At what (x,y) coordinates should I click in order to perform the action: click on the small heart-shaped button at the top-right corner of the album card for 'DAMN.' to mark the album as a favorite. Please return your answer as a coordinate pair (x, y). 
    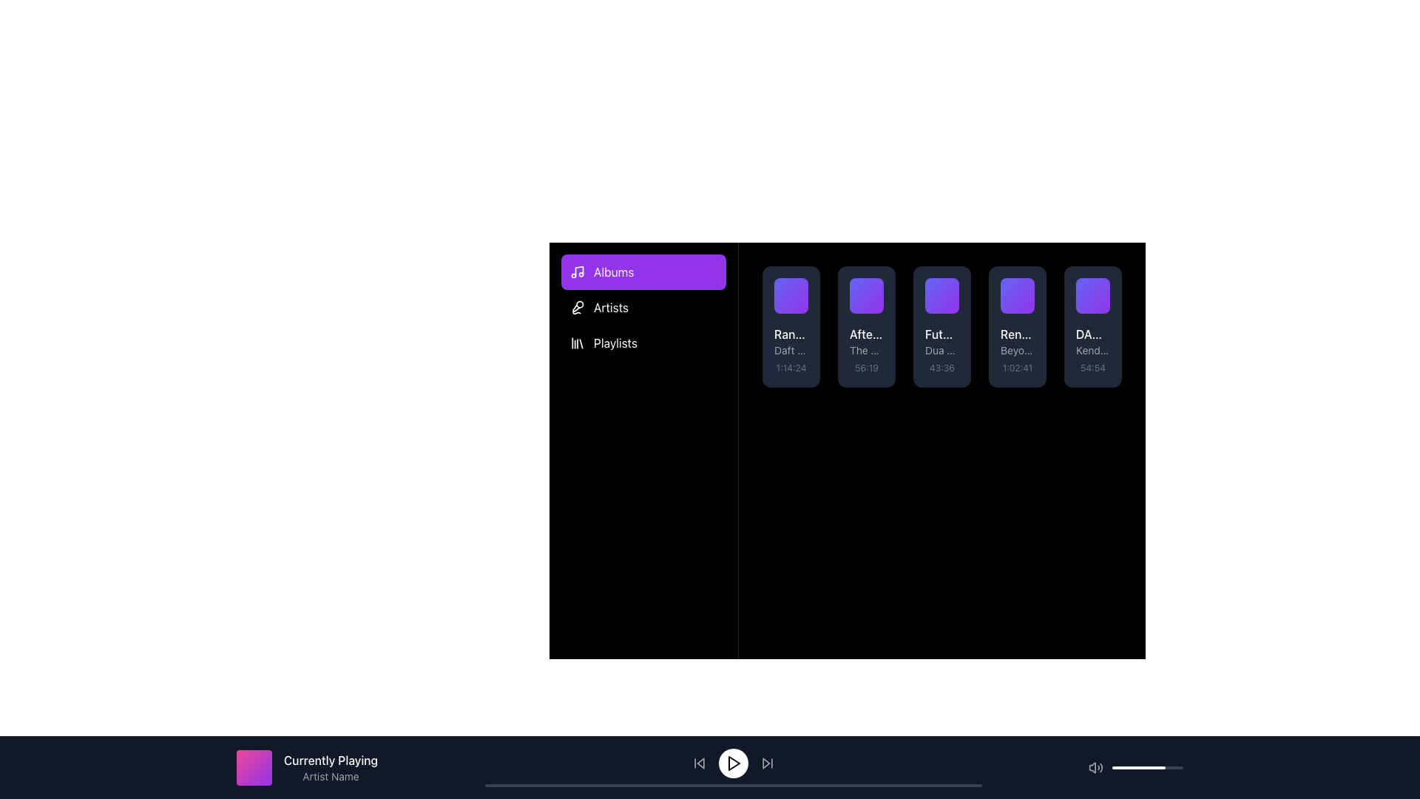
    Looking at the image, I should click on (1100, 287).